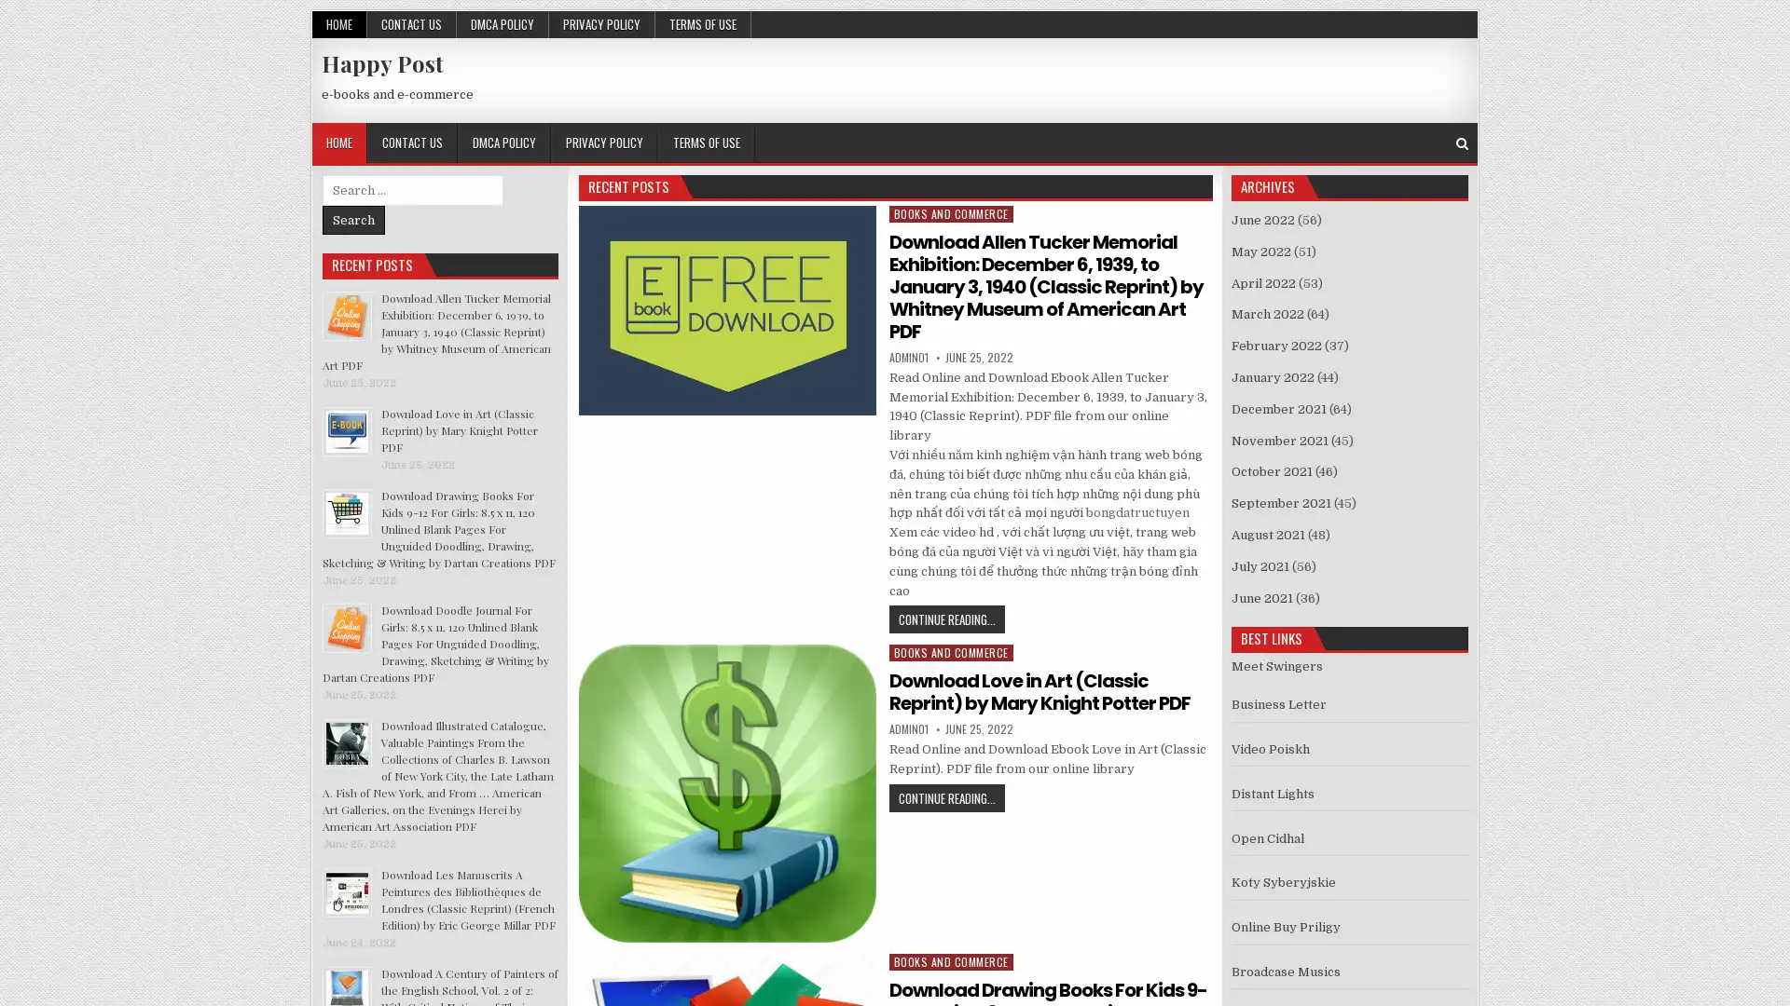 The height and width of the screenshot is (1006, 1790). What do you see at coordinates (352, 219) in the screenshot?
I see `Search` at bounding box center [352, 219].